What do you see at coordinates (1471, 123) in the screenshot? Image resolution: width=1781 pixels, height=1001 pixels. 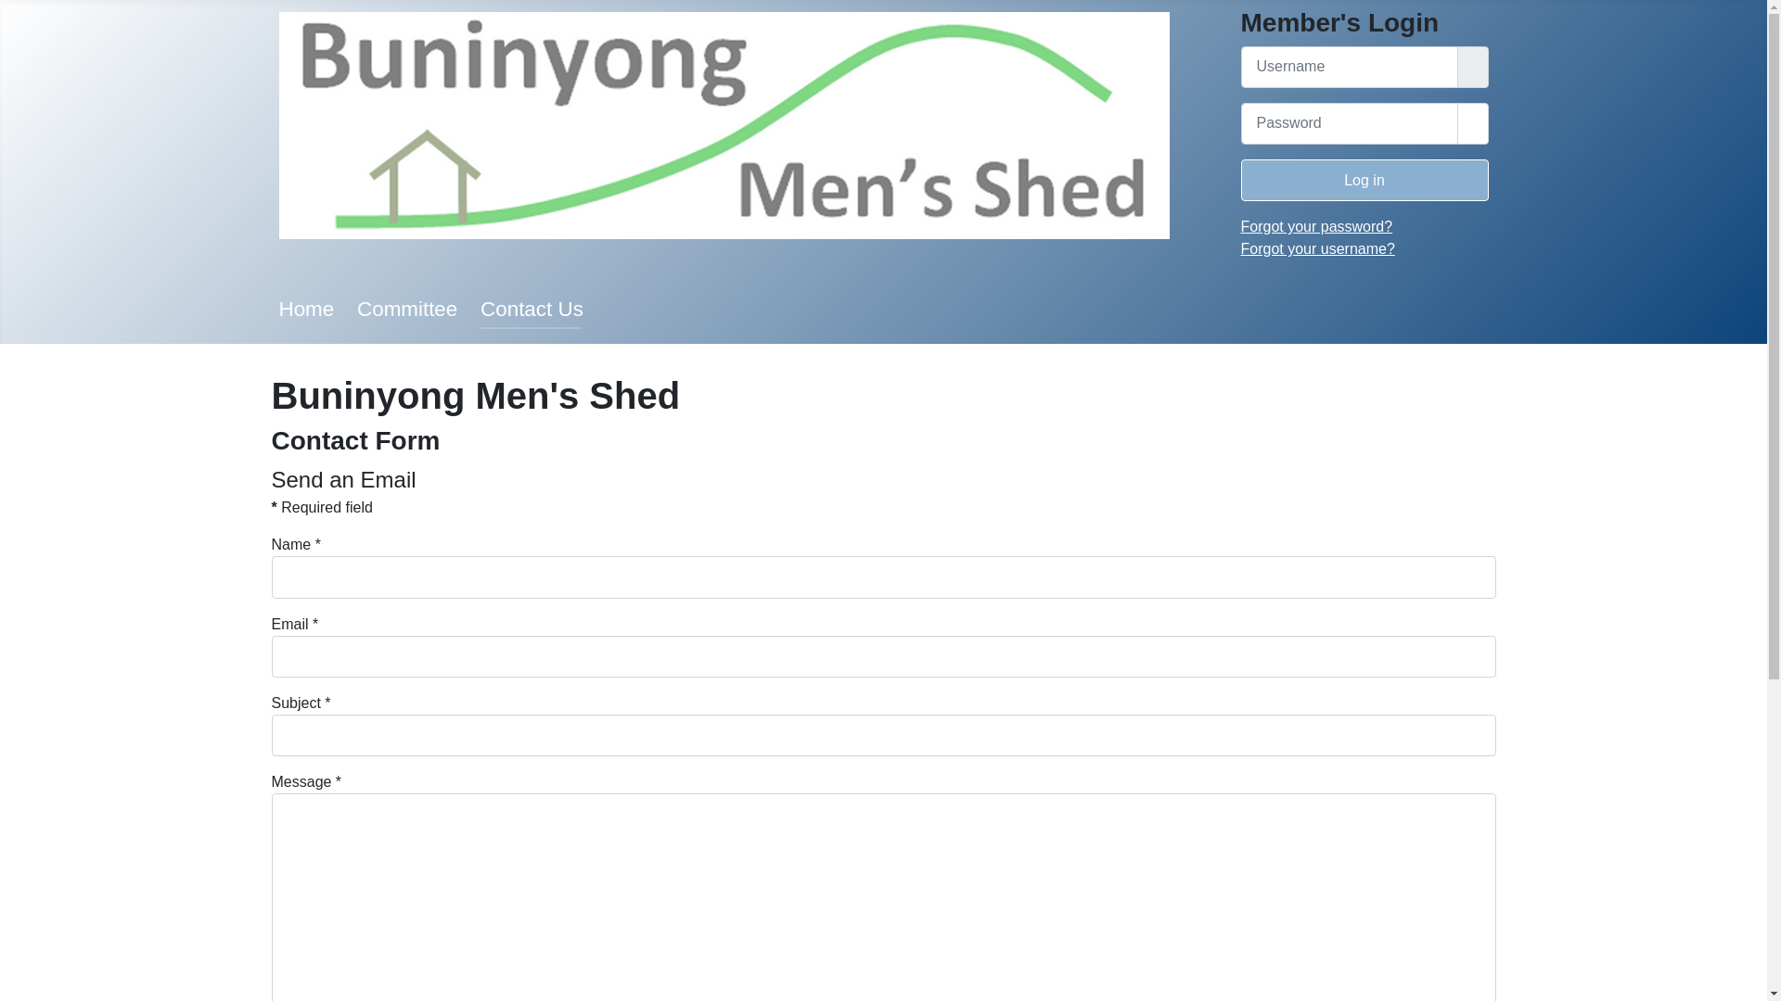 I see `'Show Password'` at bounding box center [1471, 123].